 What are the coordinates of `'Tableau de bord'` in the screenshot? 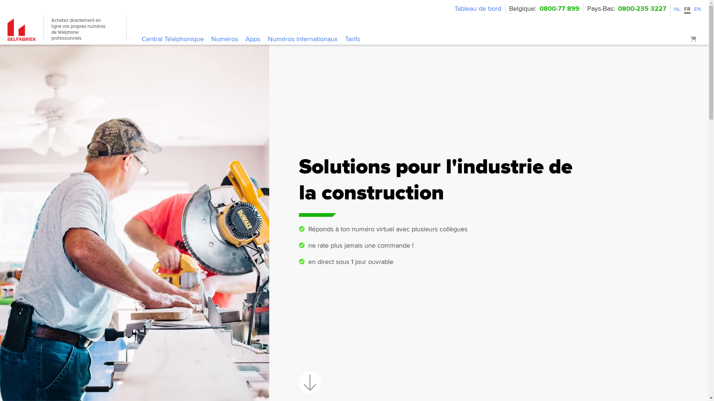 It's located at (478, 9).